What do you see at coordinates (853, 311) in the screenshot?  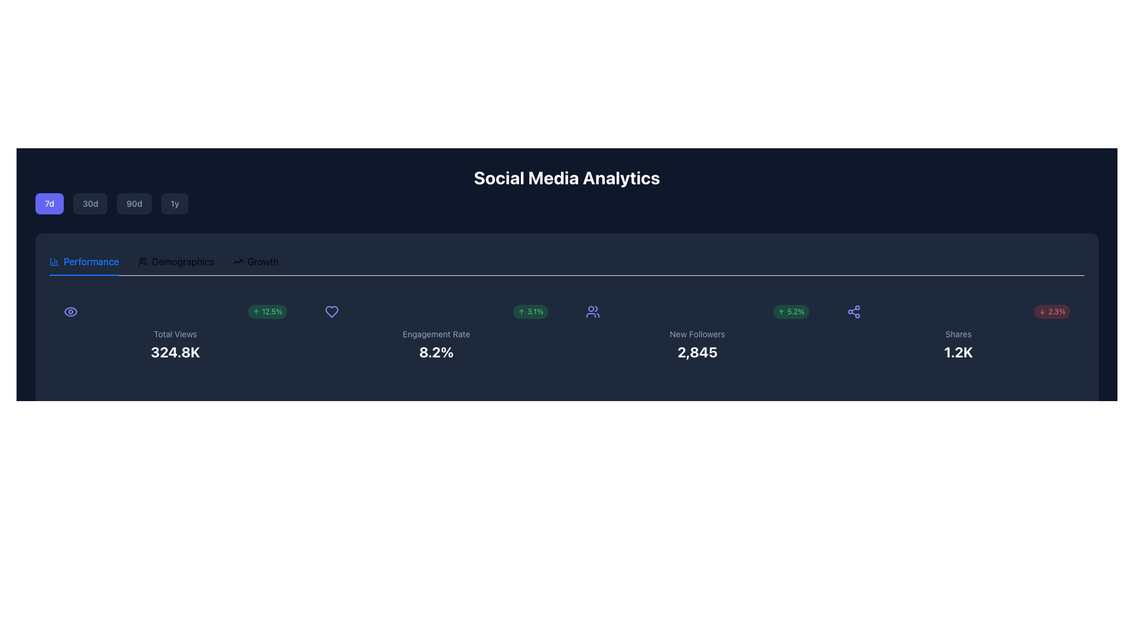 I see `the SVG graphic icon representing the sharing functionality located in the 'Shares' section of the analytics dashboard, positioned left of the '1.2K' text and below the 'Shares' label` at bounding box center [853, 311].